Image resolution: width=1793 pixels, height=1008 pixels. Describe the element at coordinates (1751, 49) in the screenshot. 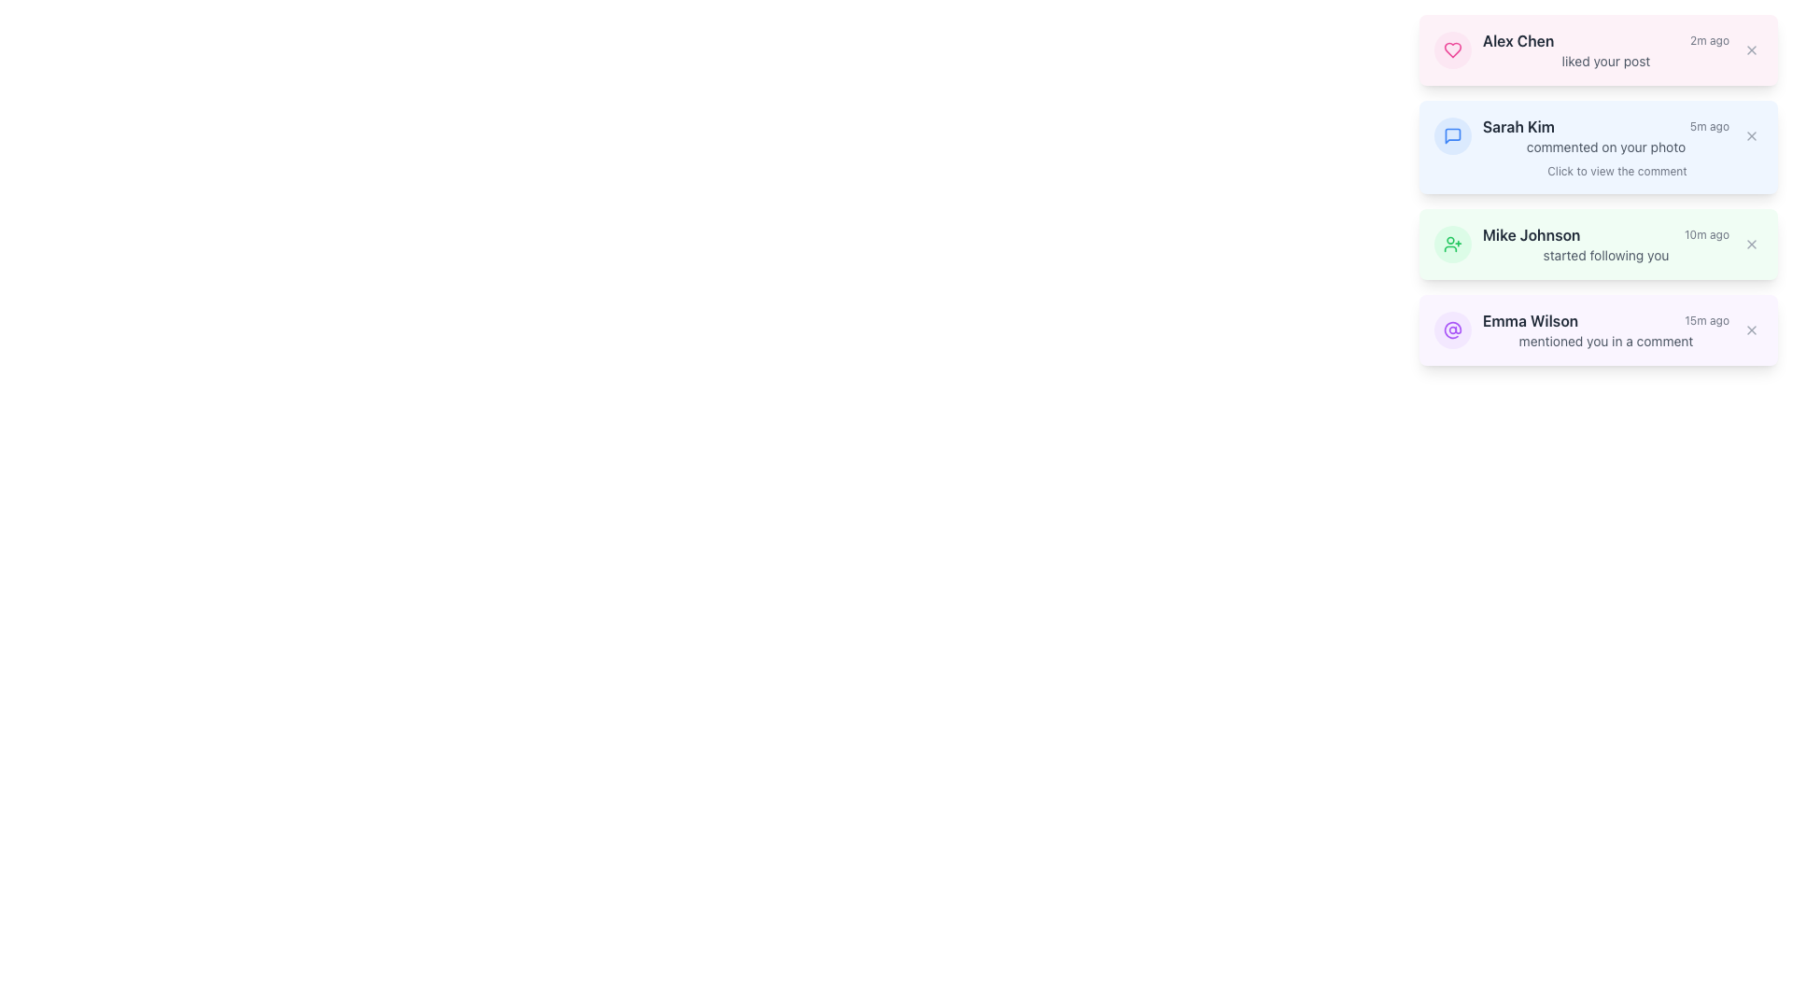

I see `the small circular dismiss button with an 'X' icon located at the top-right corner of the notification card that reads 'Alex Chen liked your post.'` at that location.